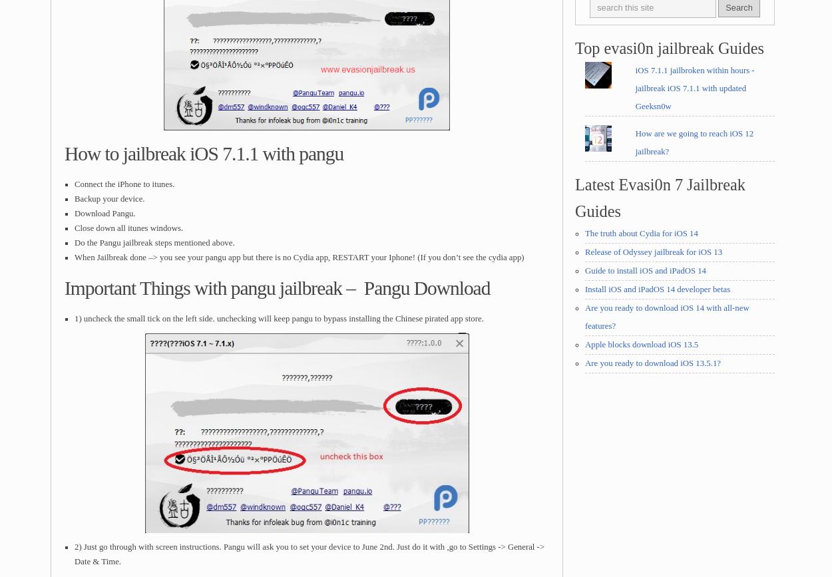 The height and width of the screenshot is (577, 832). I want to click on 'Connect the iPhone to itunes.', so click(124, 184).